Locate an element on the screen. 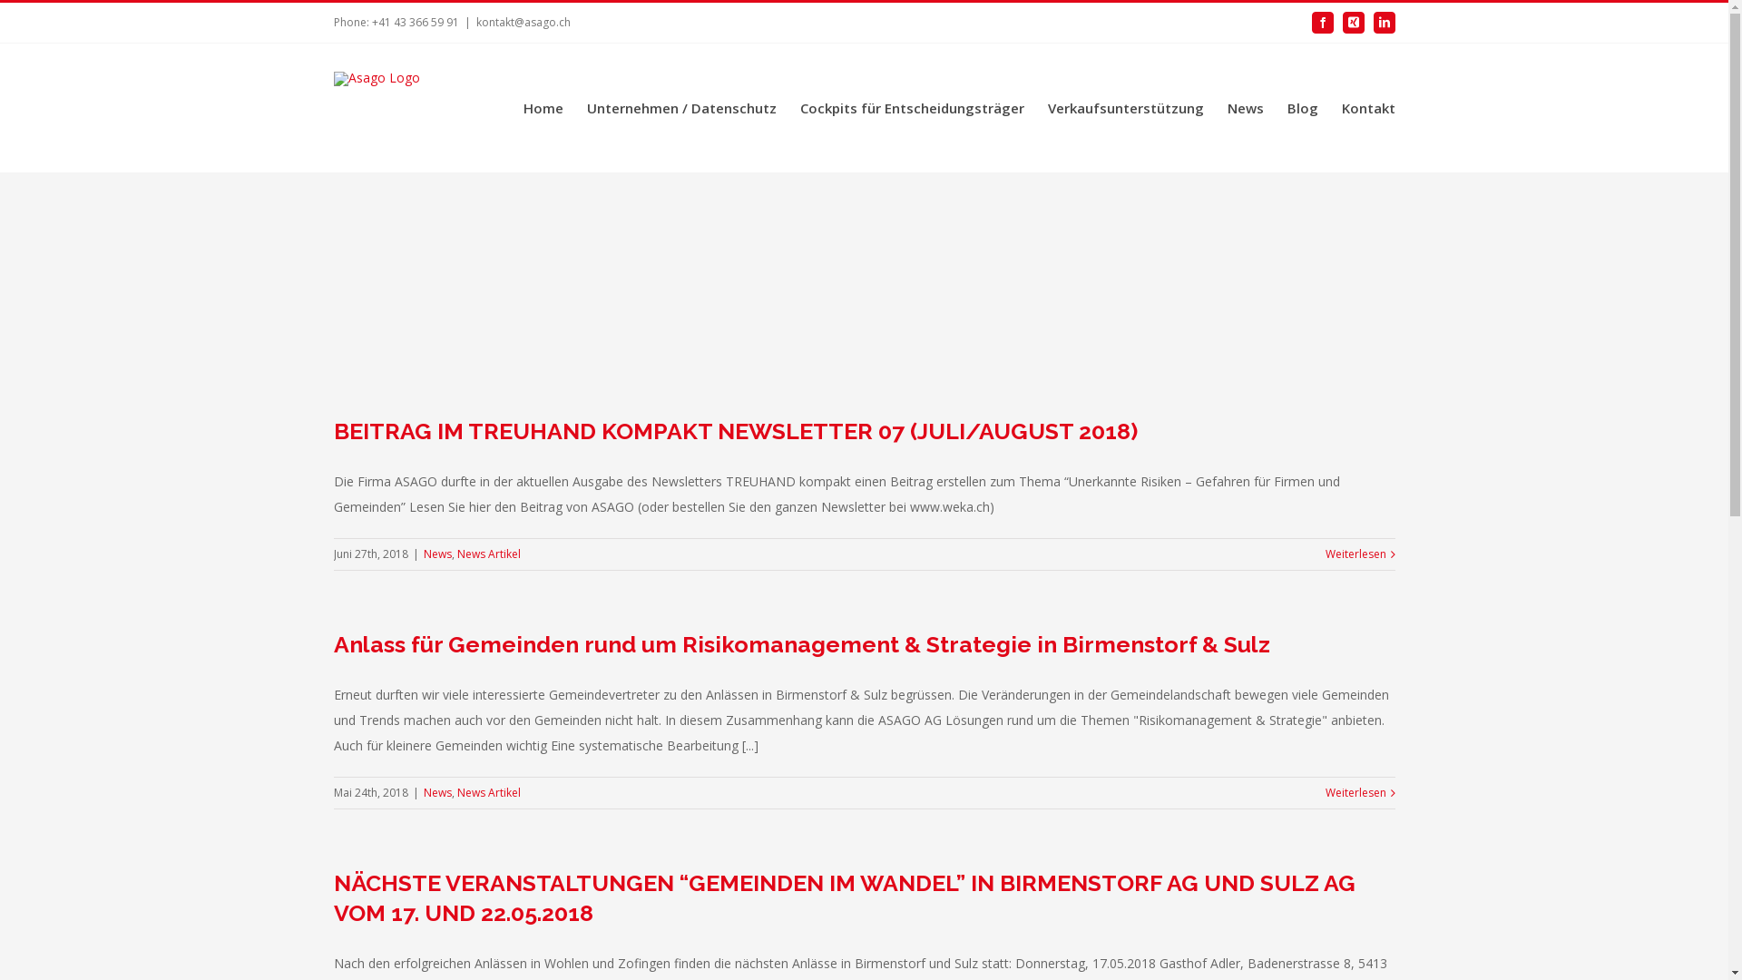 The height and width of the screenshot is (980, 1742). 'Weiterlesen' is located at coordinates (1355, 792).